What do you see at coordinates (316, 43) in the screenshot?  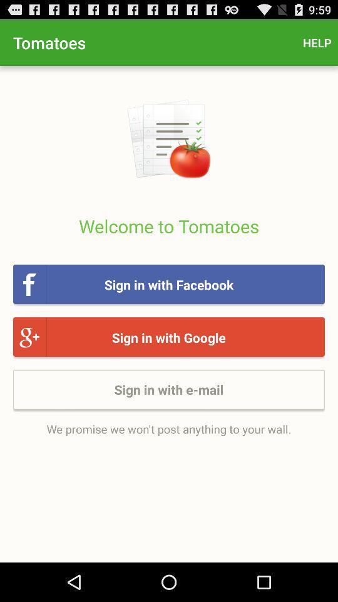 I see `item at the top right corner` at bounding box center [316, 43].